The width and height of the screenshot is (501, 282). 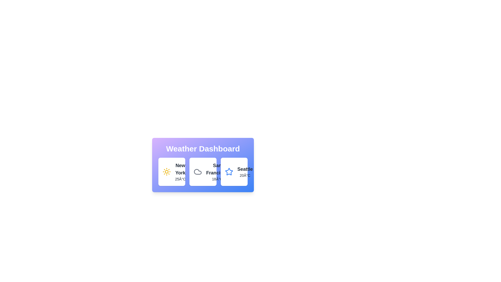 I want to click on temperature value displayed in the text label beneath 'New York' in the weather dashboard, so click(x=180, y=179).